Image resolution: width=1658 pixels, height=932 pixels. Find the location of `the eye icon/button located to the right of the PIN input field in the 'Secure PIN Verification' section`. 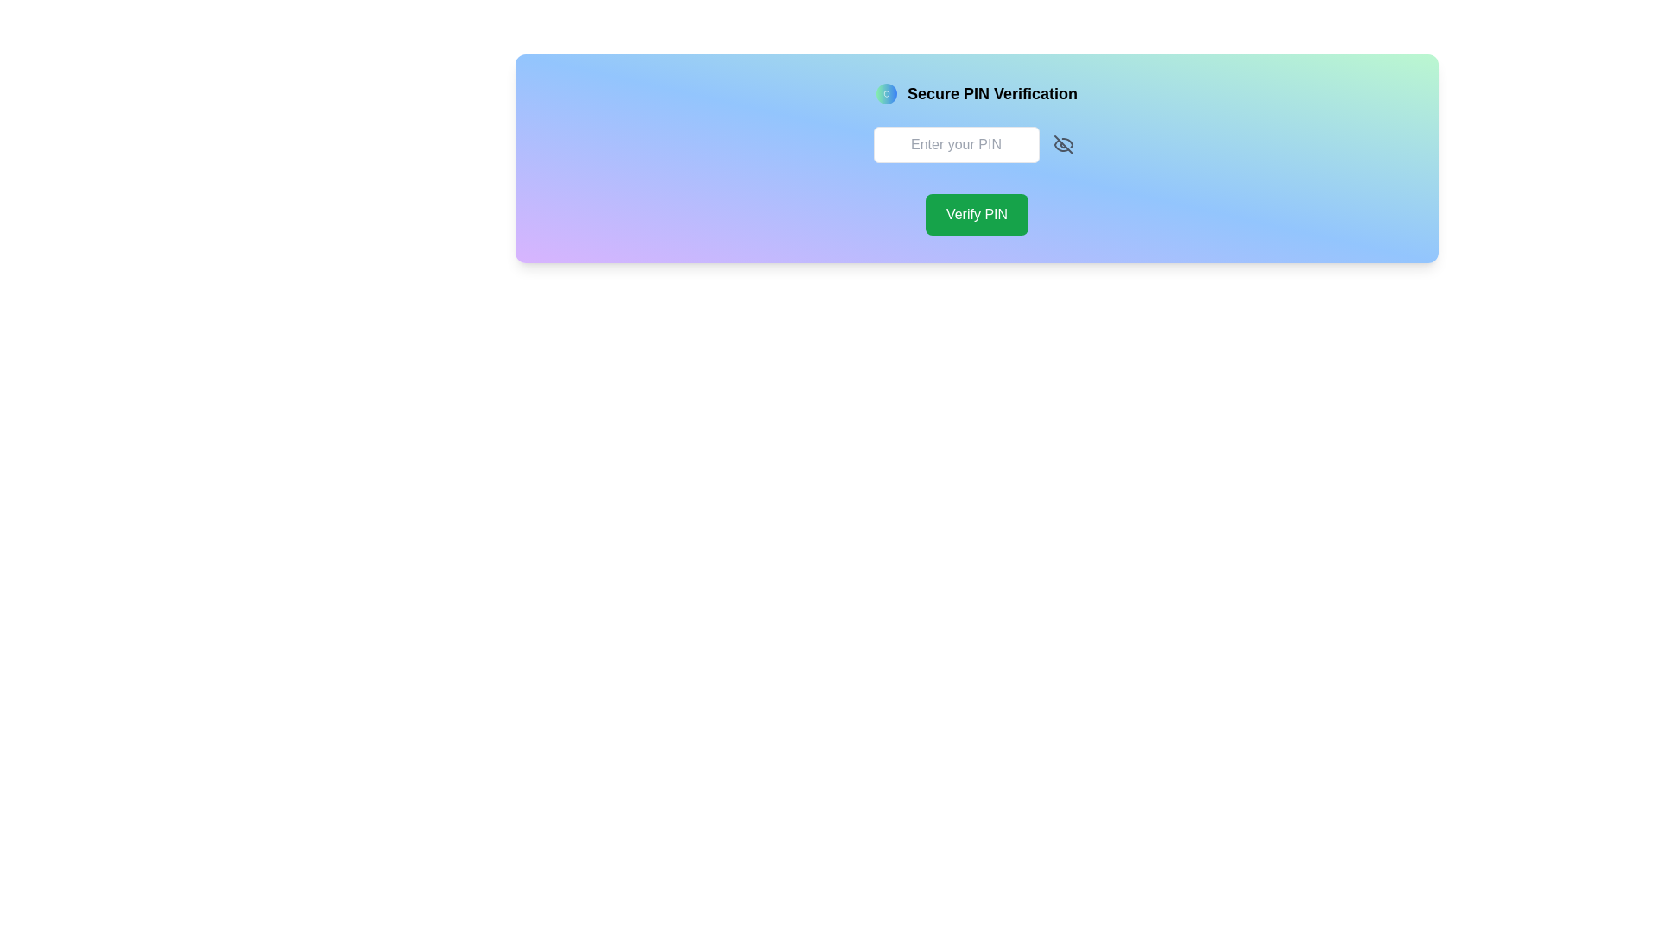

the eye icon/button located to the right of the PIN input field in the 'Secure PIN Verification' section is located at coordinates (1062, 144).